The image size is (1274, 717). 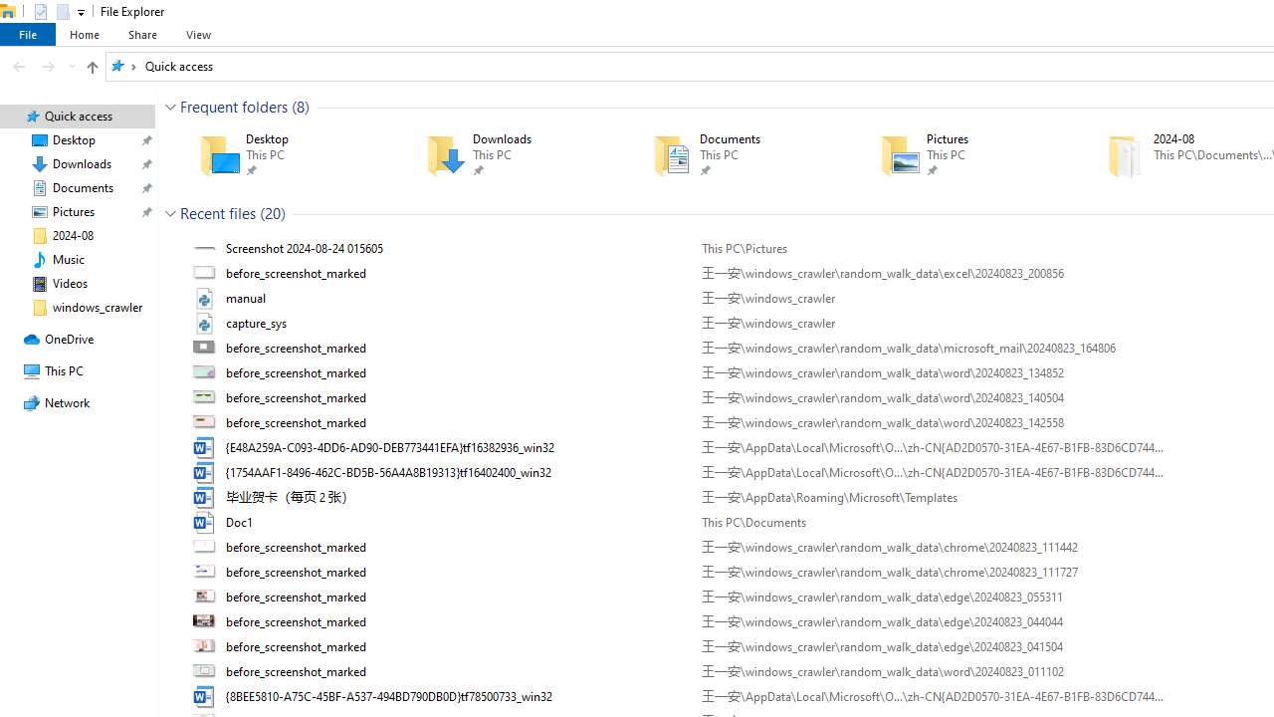 What do you see at coordinates (91, 67) in the screenshot?
I see `'Up to "Desktop" (Alt + Up Arrow)'` at bounding box center [91, 67].